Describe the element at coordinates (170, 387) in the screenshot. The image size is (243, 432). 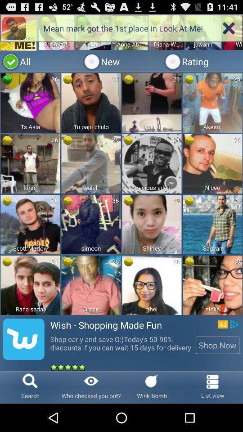
I see `the option which is to the left of the list view` at that location.